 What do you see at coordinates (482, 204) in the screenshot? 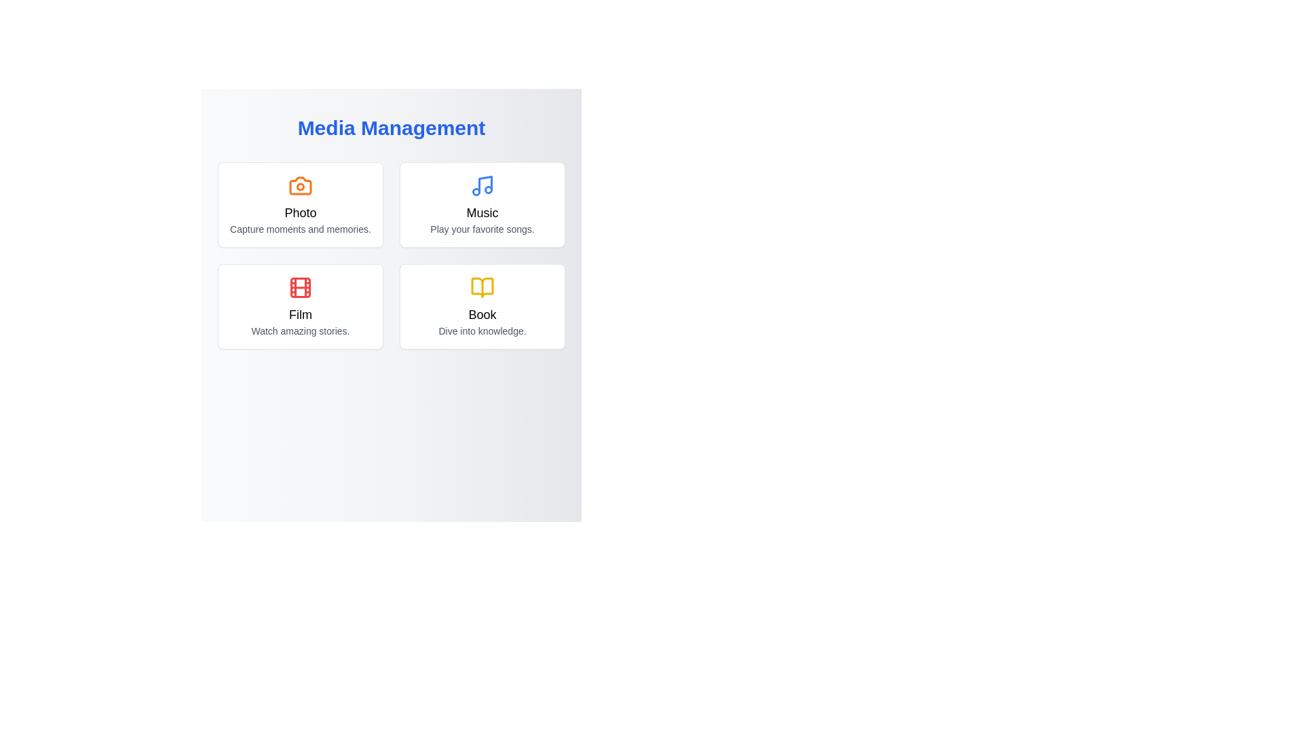
I see `the interactive card` at bounding box center [482, 204].